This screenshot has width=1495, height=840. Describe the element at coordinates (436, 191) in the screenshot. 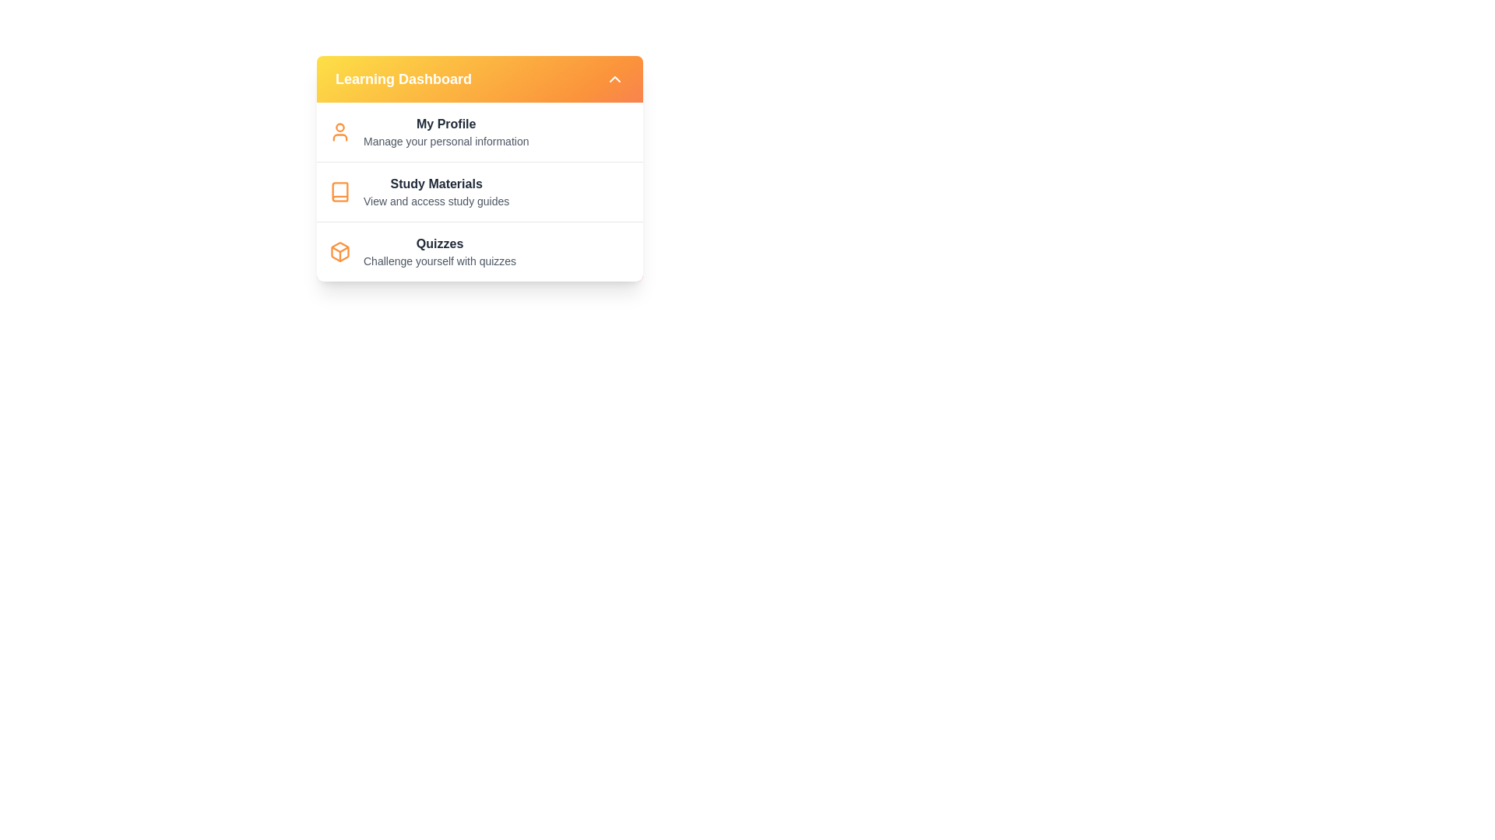

I see `the menu item Study Materials from the LearningMenu` at that location.